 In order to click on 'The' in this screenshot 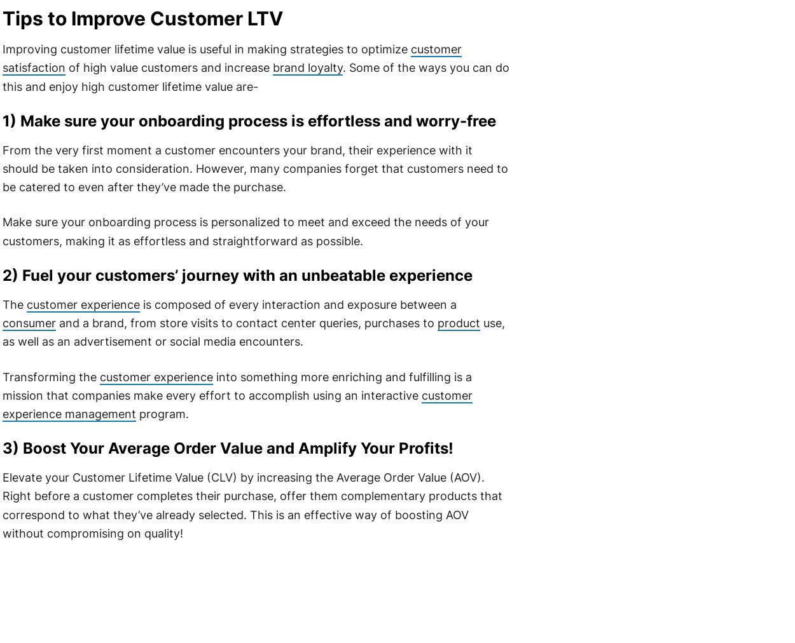, I will do `click(14, 304)`.